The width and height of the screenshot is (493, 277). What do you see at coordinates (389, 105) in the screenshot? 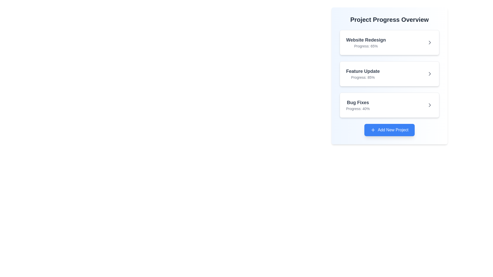
I see `the third entry` at bounding box center [389, 105].